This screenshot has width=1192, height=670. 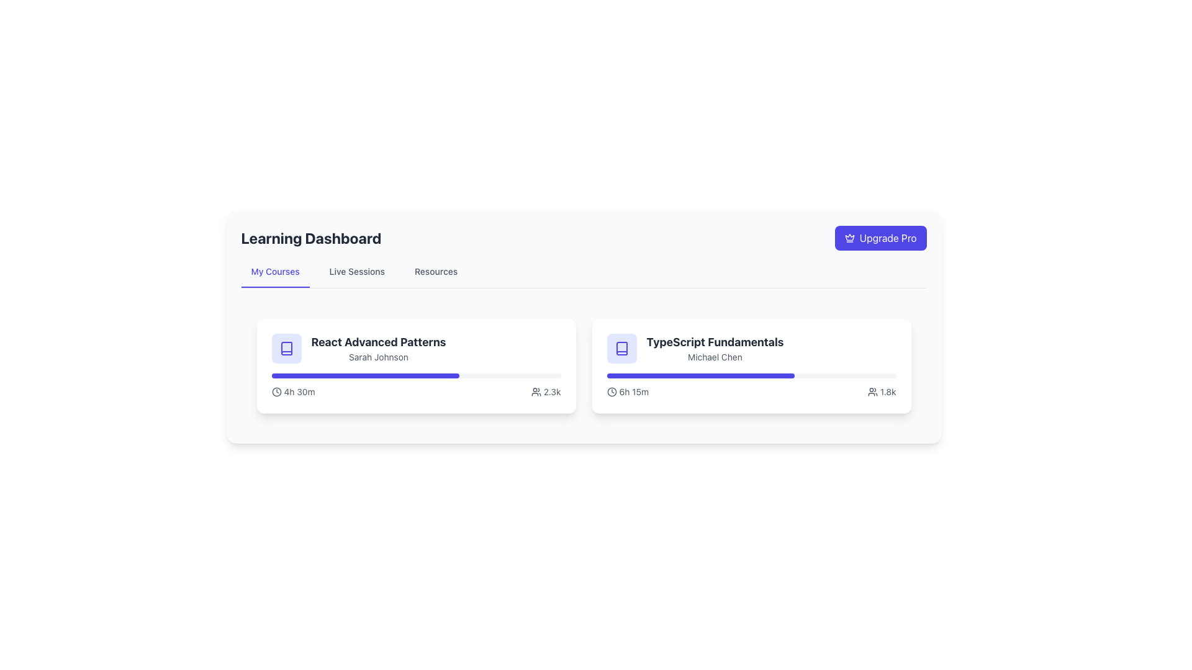 What do you see at coordinates (881, 392) in the screenshot?
I see `the icon-text combination that displays a count of individuals or participants, located in the top-right corner as the last item in a horizontal group of indicators` at bounding box center [881, 392].